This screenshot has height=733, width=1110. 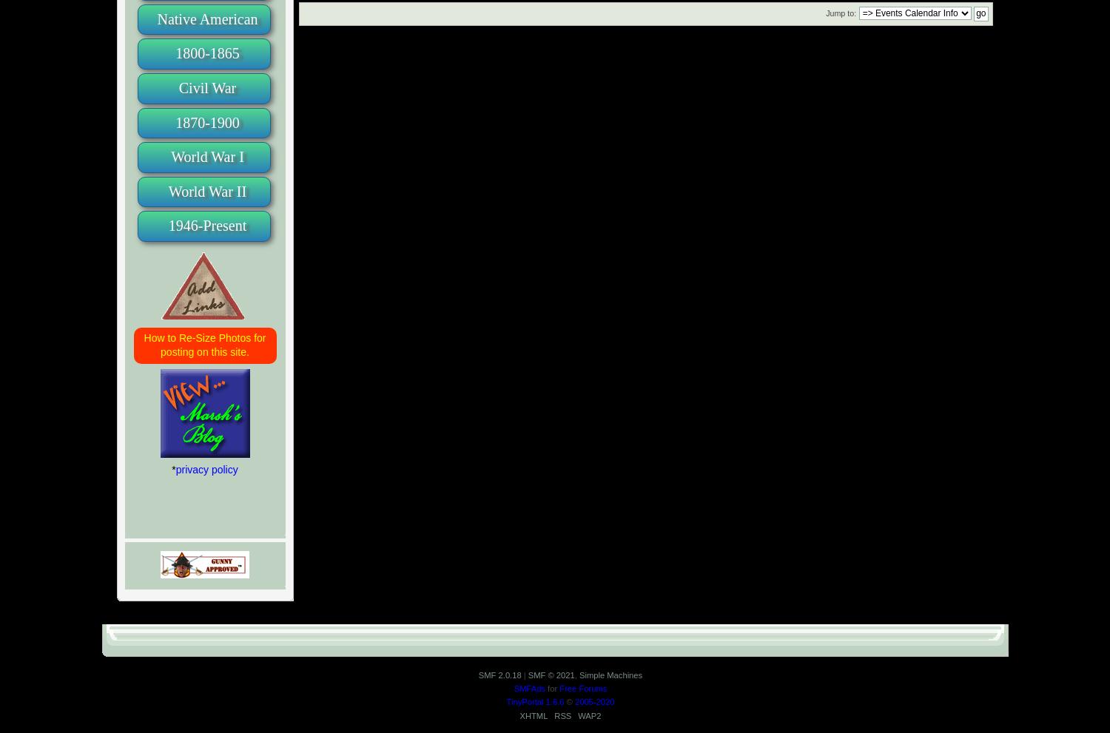 I want to click on 'Native American', so click(x=207, y=17).